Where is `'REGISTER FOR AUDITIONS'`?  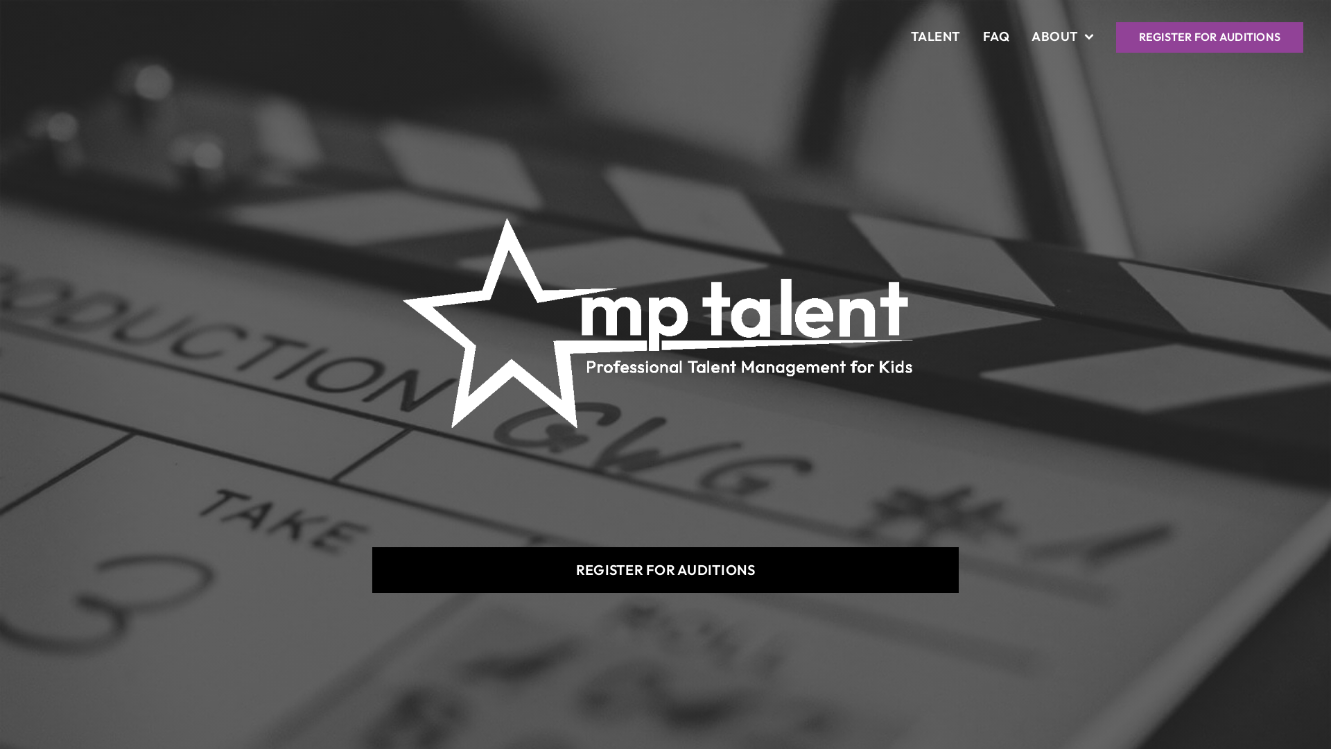 'REGISTER FOR AUDITIONS' is located at coordinates (665, 569).